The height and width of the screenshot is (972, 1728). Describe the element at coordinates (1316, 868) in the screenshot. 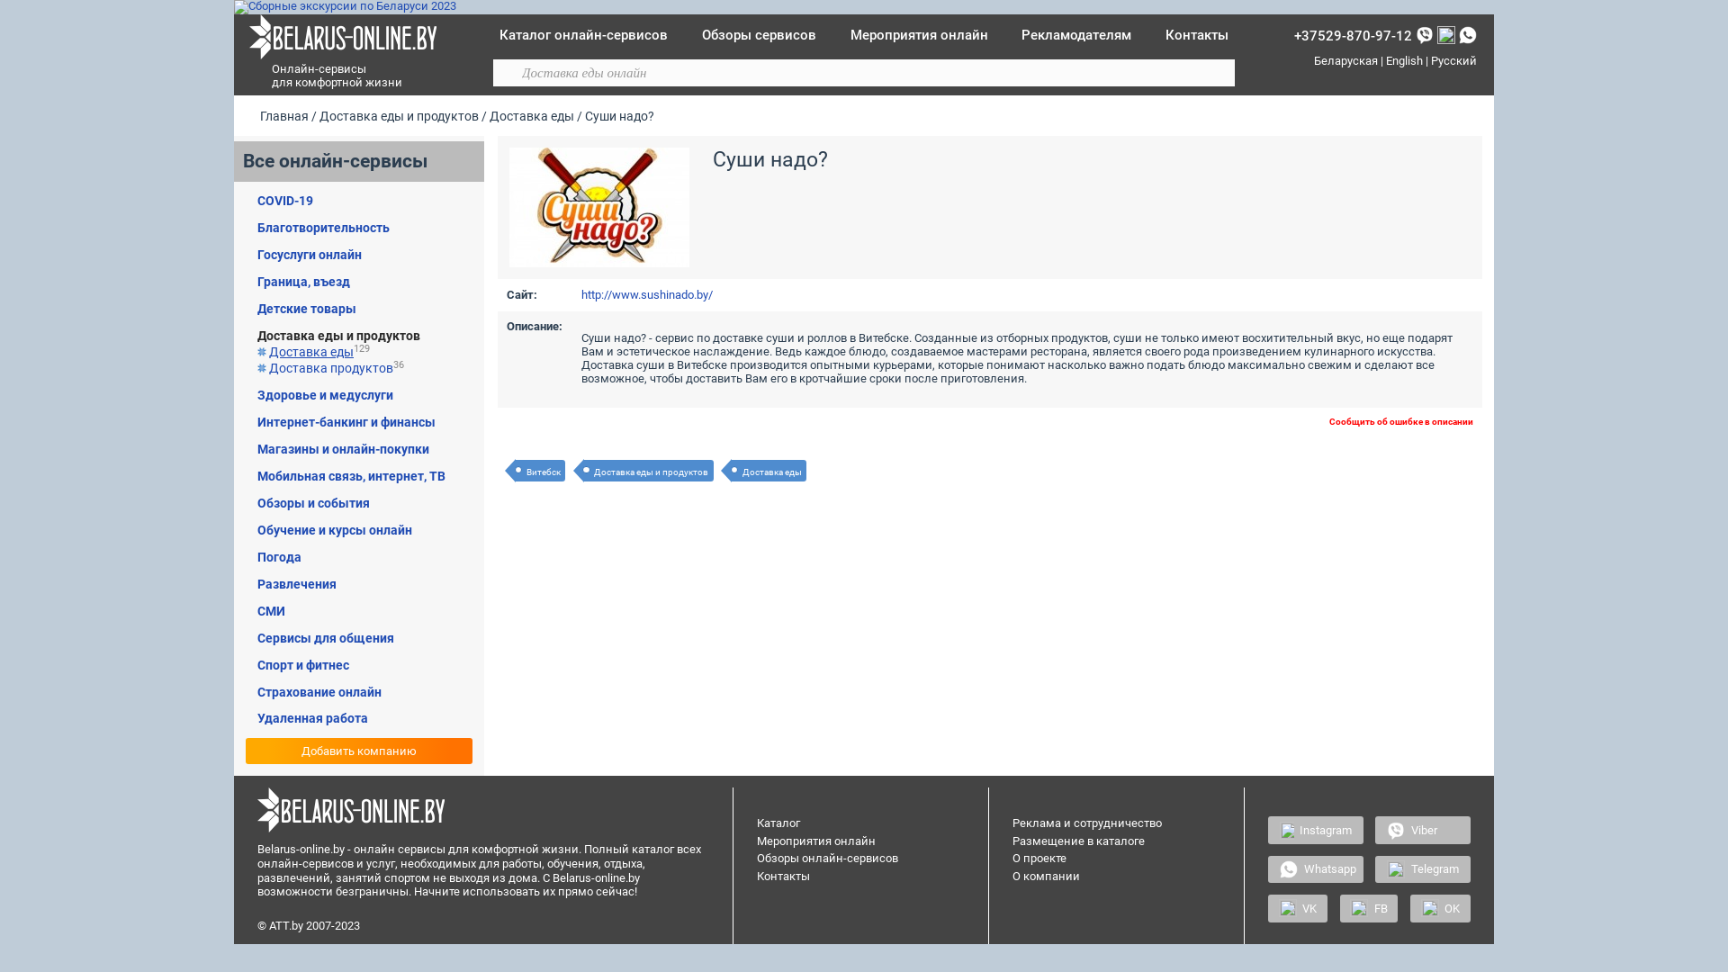

I see `'Whatsapp'` at that location.